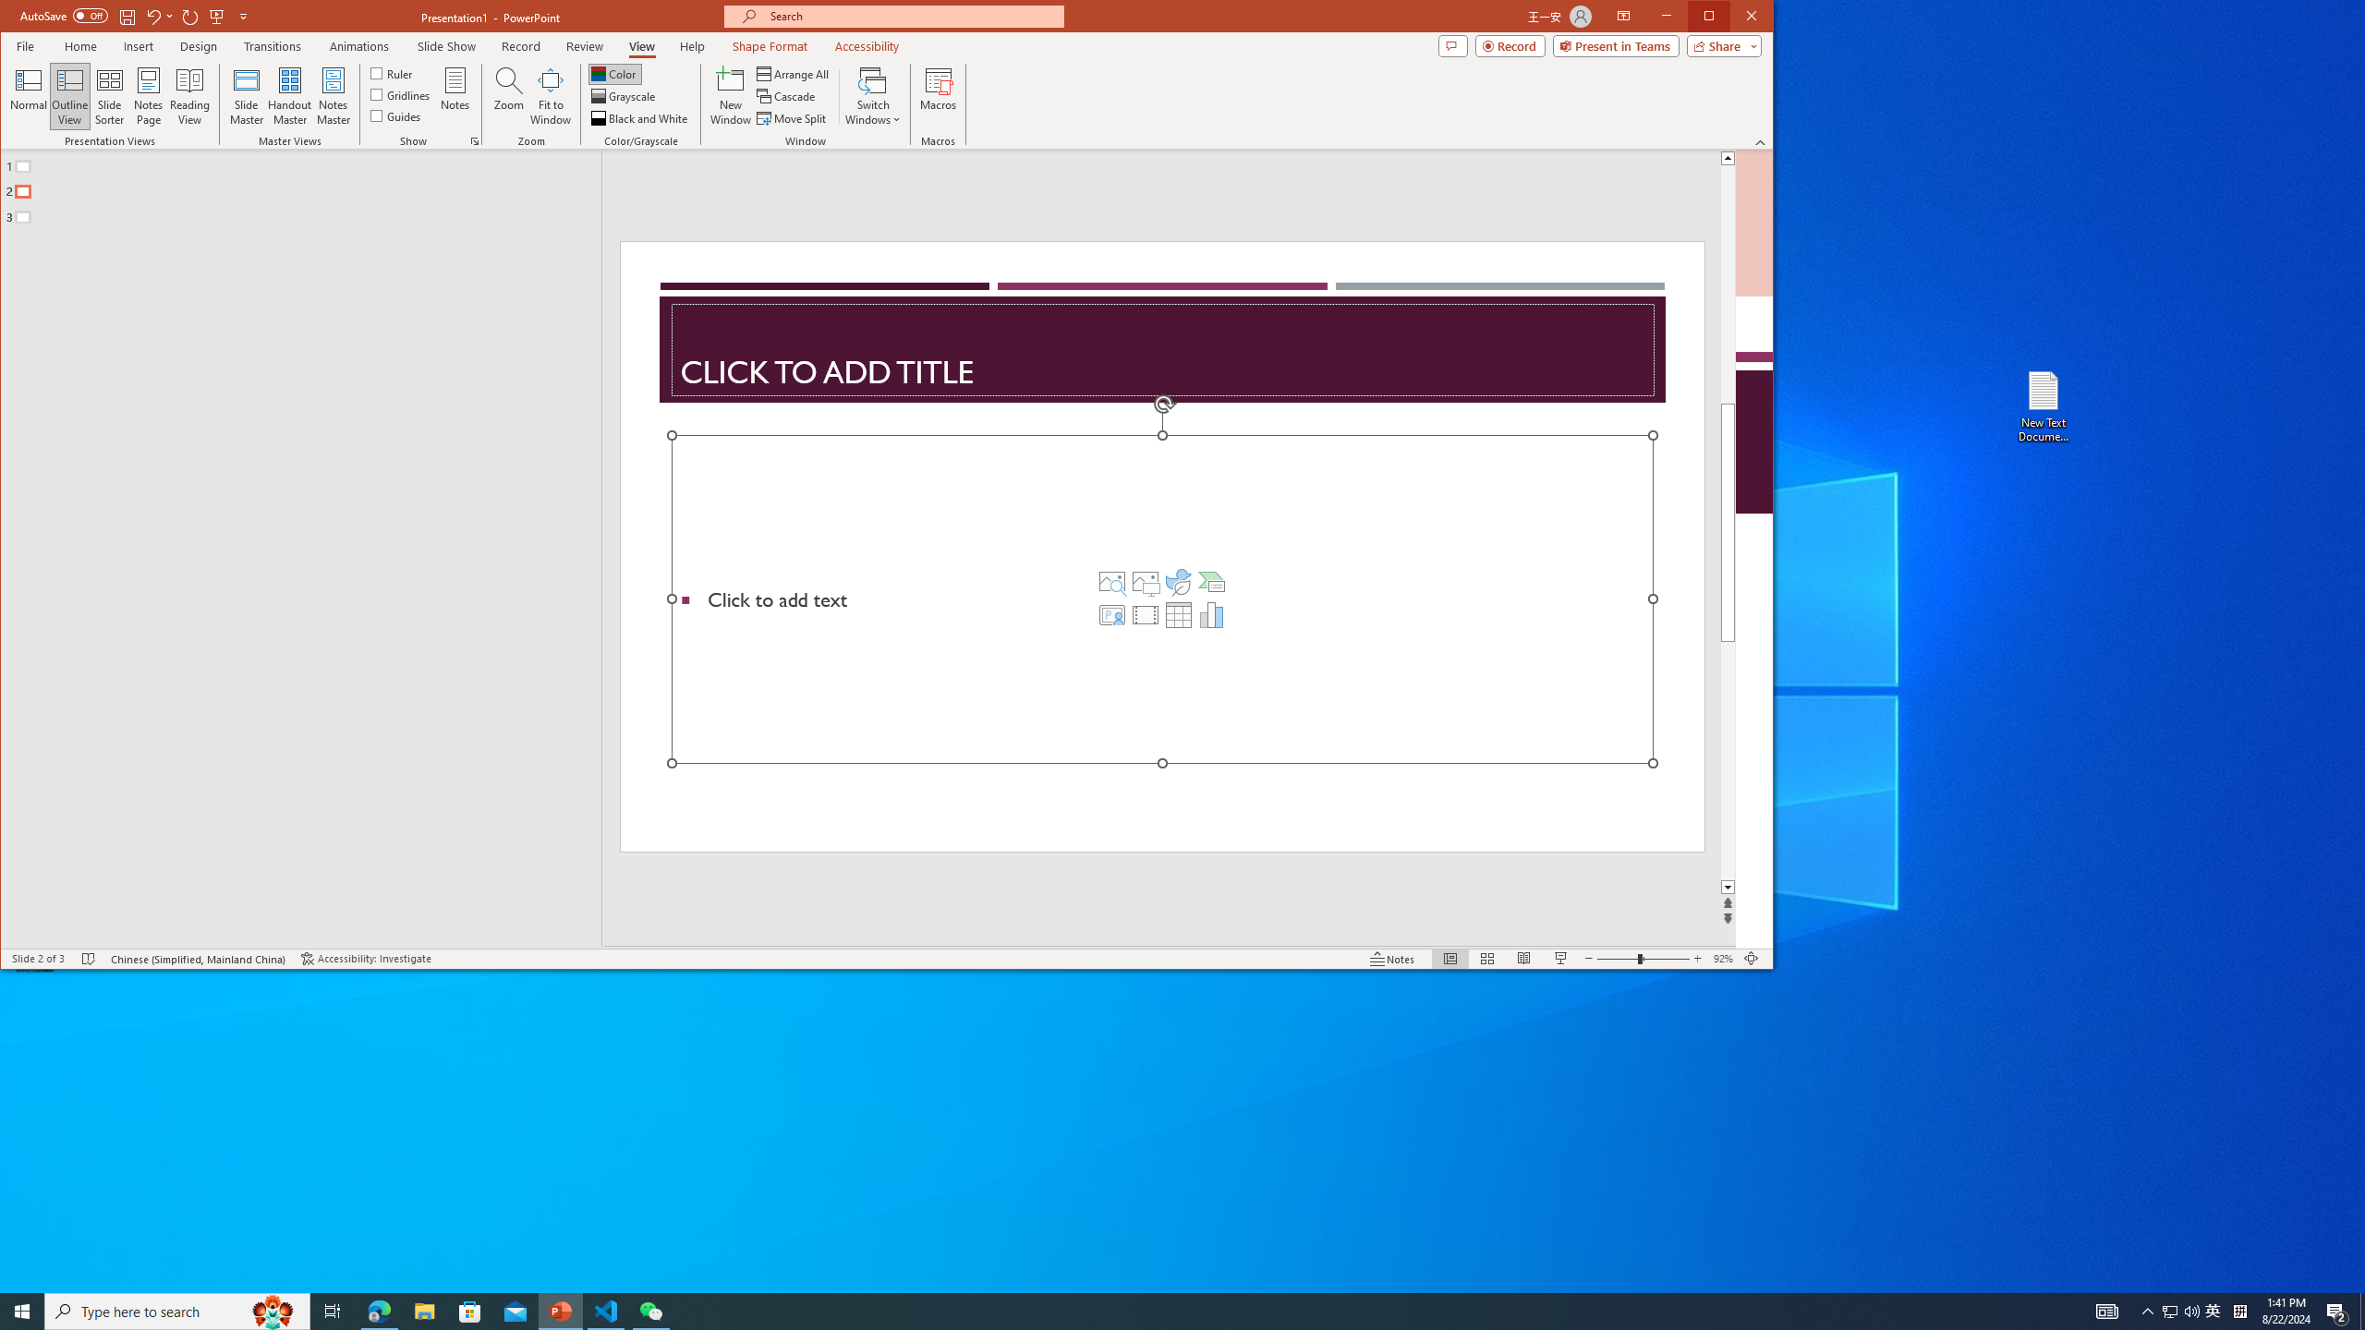  Describe the element at coordinates (873, 95) in the screenshot. I see `'Switch Windows'` at that location.